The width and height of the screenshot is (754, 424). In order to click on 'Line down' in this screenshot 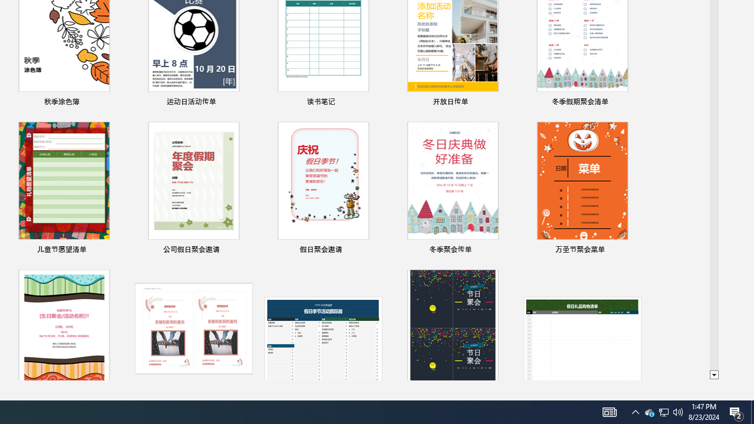, I will do `click(713, 375)`.